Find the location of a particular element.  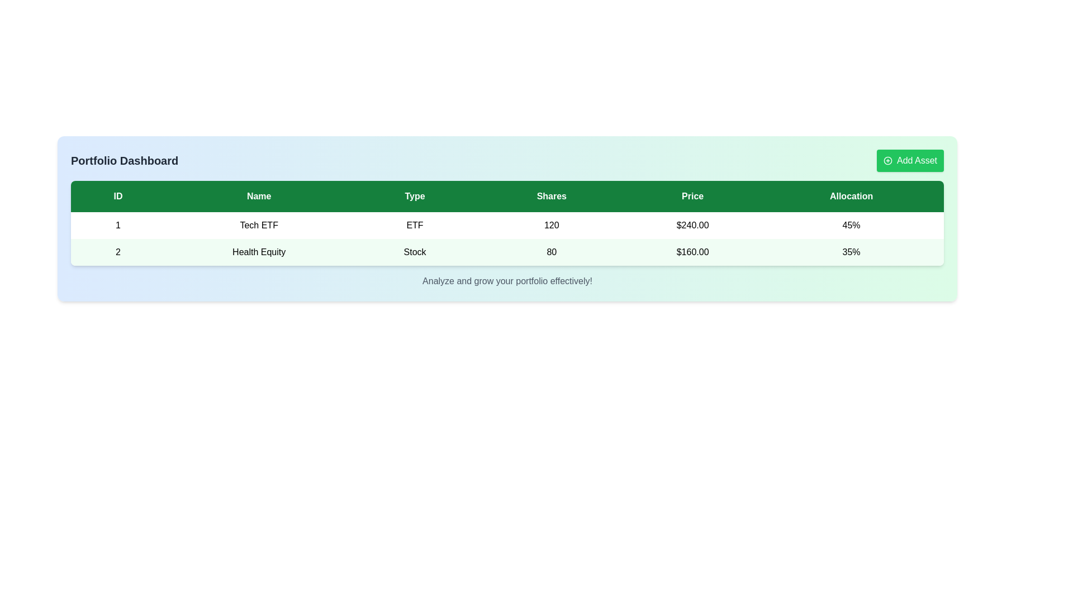

the static text element in the first column of the first row of the table, which represents the unique ID of the item is located at coordinates (118, 226).